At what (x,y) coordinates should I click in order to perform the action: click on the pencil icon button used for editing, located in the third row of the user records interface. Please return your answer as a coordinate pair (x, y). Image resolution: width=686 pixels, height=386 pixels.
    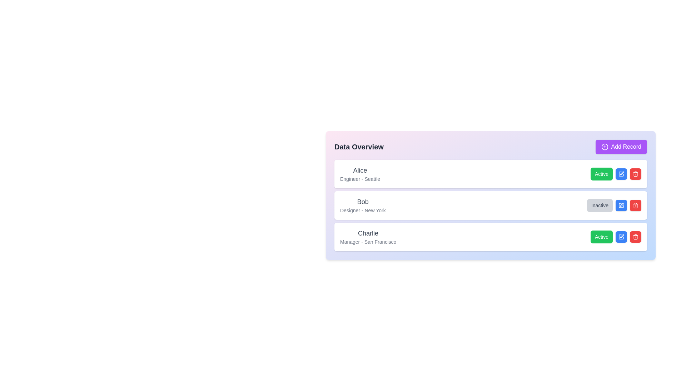
    Looking at the image, I should click on (622, 236).